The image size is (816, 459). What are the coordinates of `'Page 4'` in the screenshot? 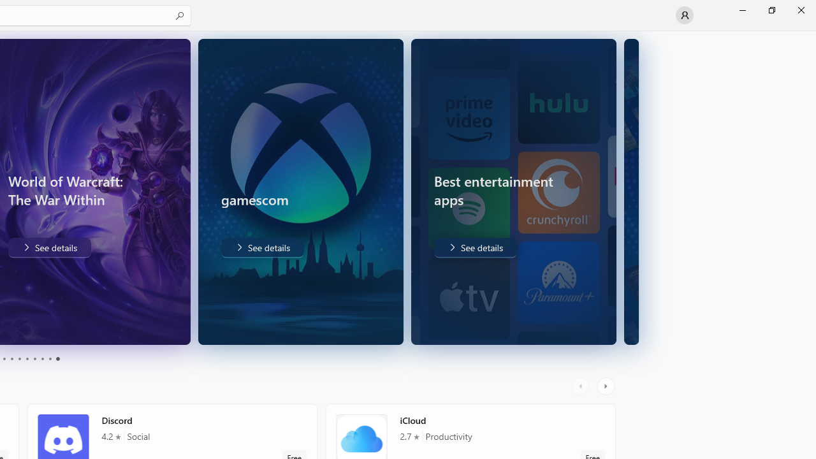 It's located at (11, 359).